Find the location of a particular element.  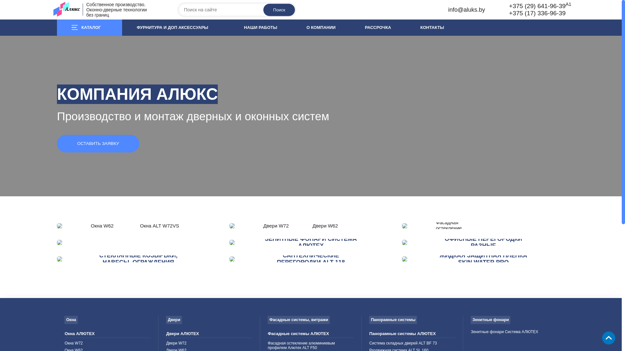

'info@aluks.by' is located at coordinates (466, 10).